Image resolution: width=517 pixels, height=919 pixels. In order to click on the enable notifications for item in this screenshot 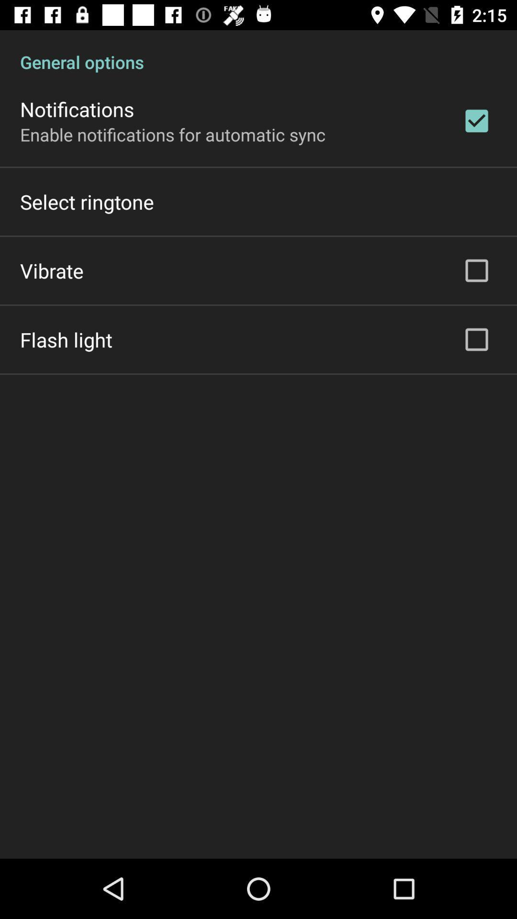, I will do `click(173, 134)`.